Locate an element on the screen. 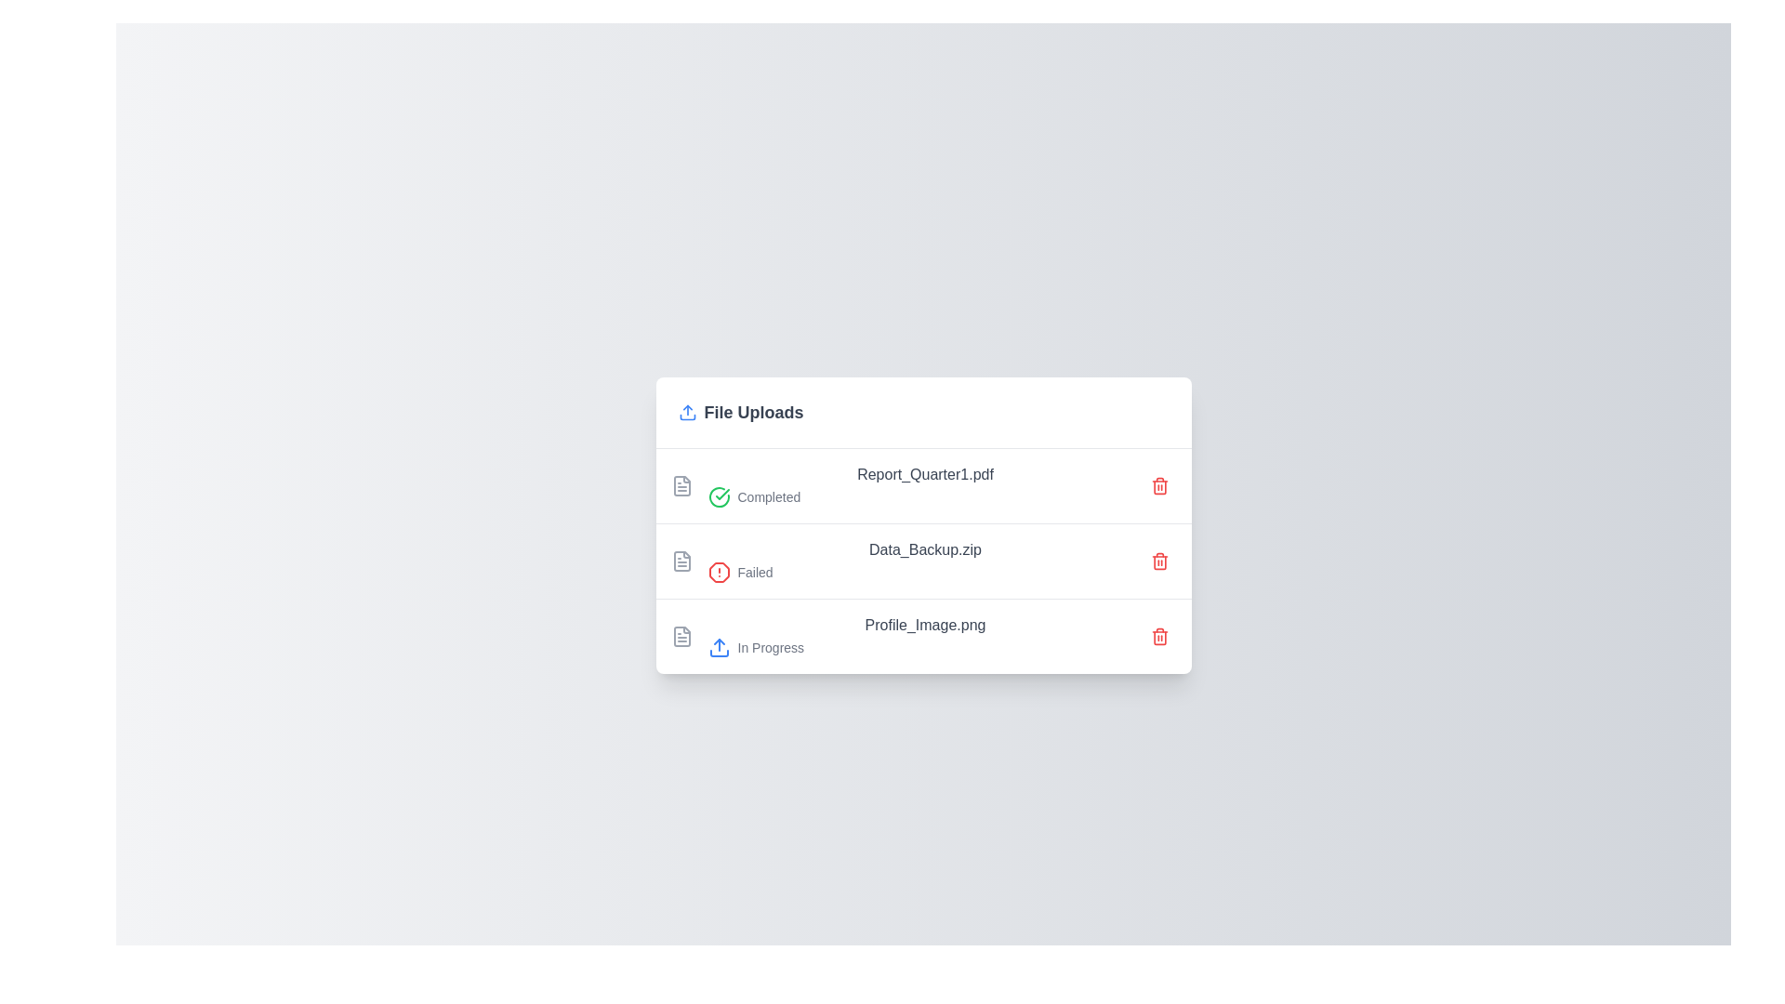 The image size is (1785, 1004). the second status icon in the list, which indicates an error or failure state for the 'Data_Backup.zip' file entry is located at coordinates (718, 571).